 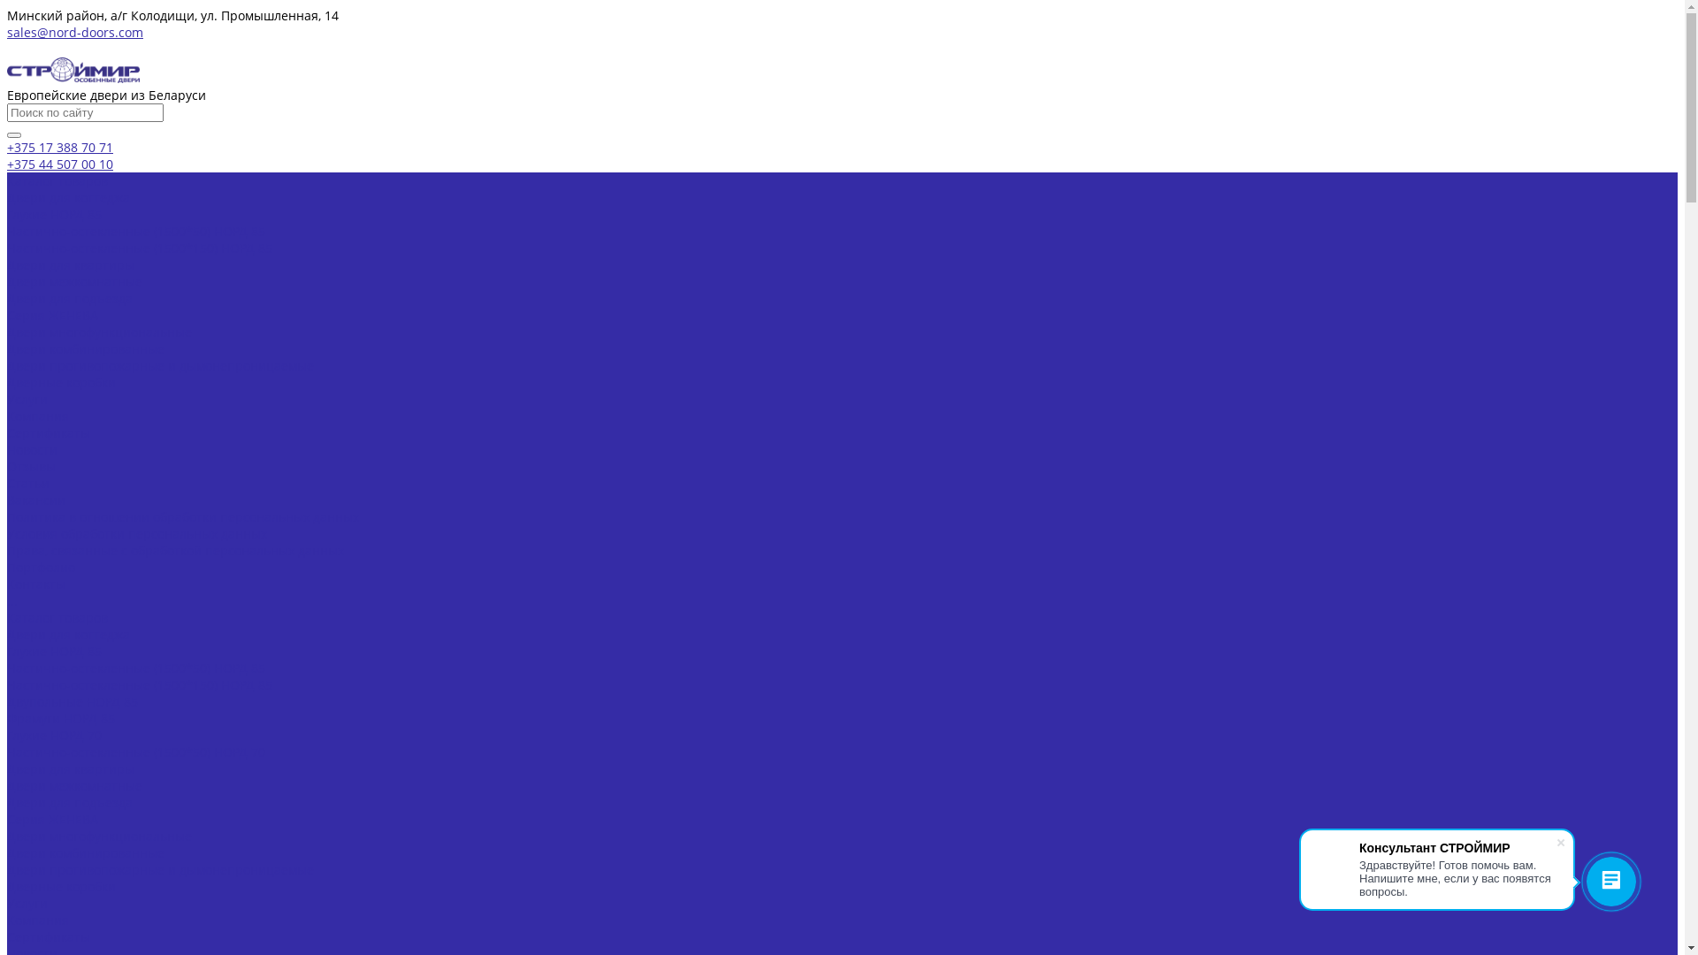 I want to click on '+375 17 388 70 71', so click(x=59, y=146).